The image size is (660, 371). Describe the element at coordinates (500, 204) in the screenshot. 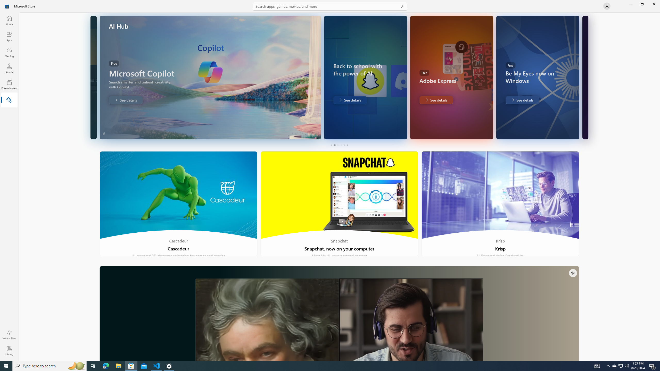

I see `'Krisp'` at that location.